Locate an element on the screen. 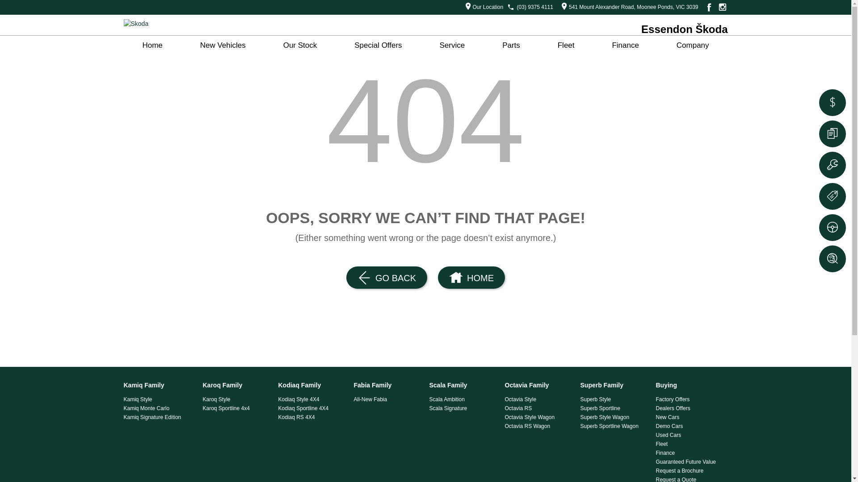  'Kamiq Style' is located at coordinates (157, 399).